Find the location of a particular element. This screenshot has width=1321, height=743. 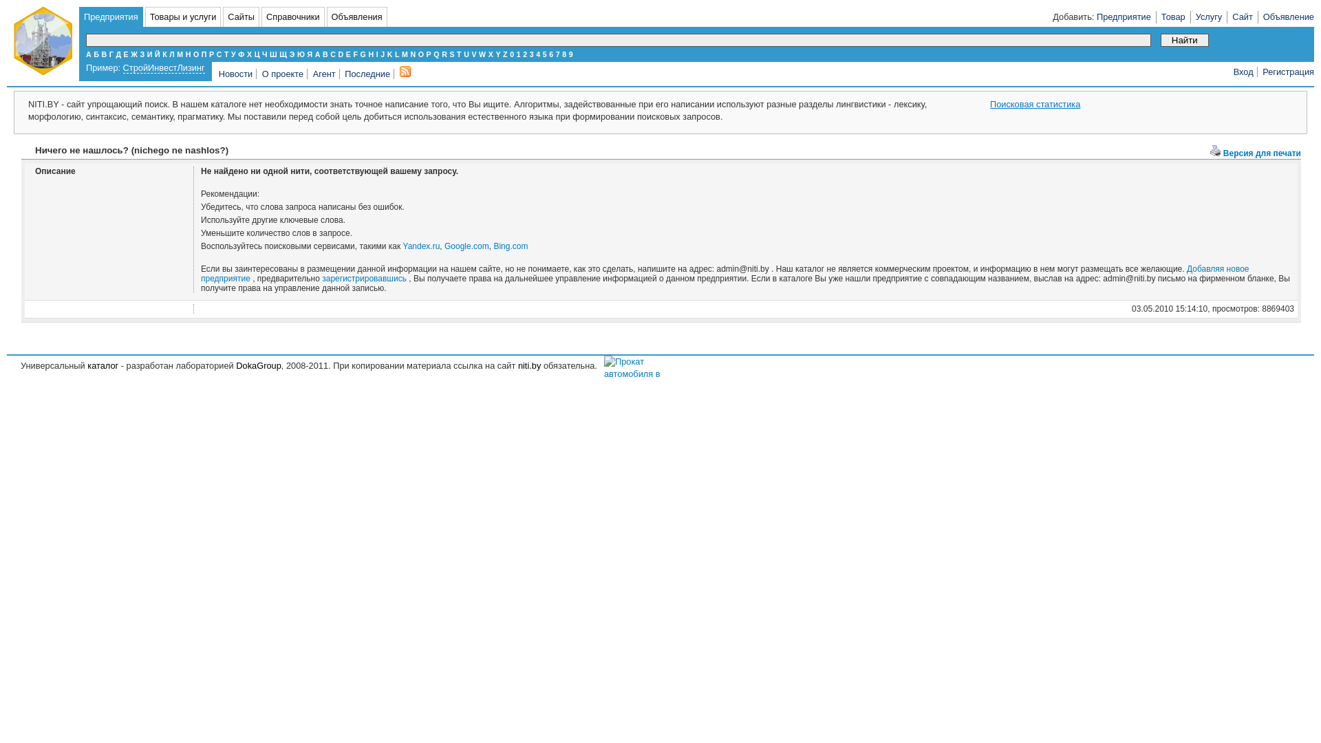

'T' is located at coordinates (459, 53).